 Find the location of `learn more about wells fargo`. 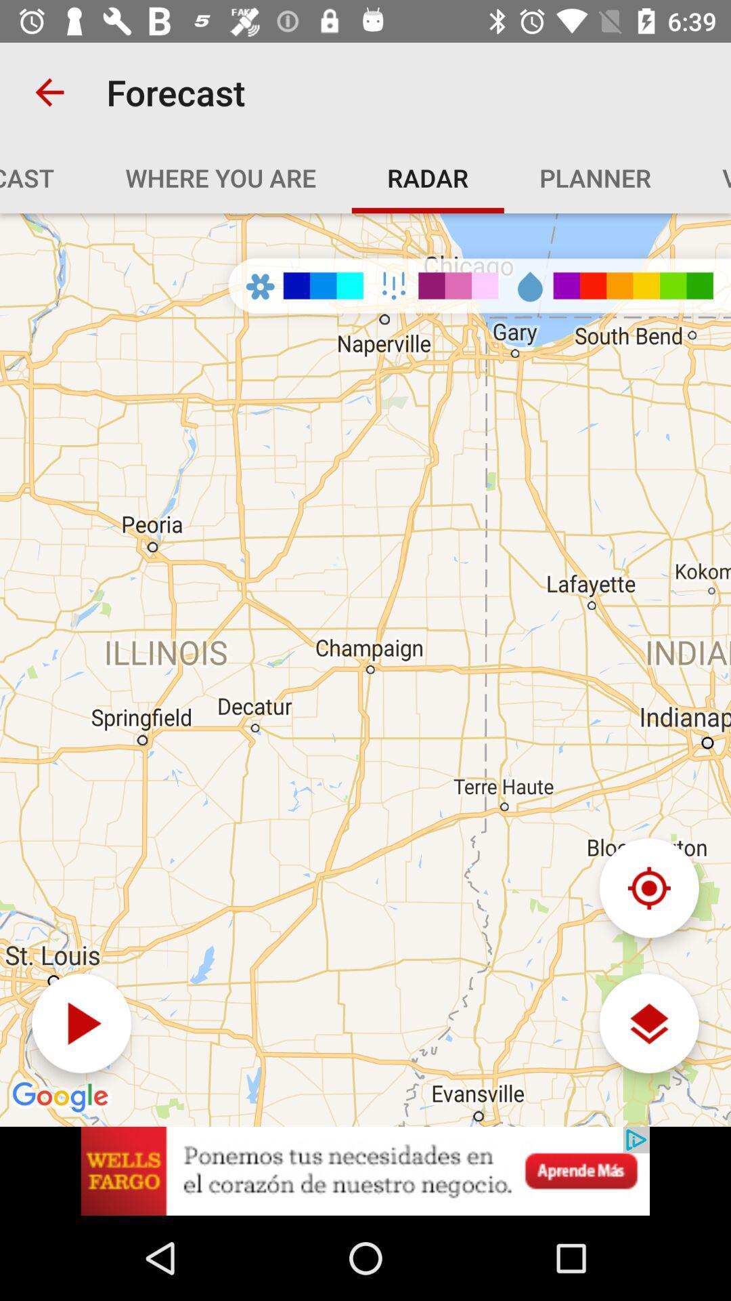

learn more about wells fargo is located at coordinates (365, 1170).